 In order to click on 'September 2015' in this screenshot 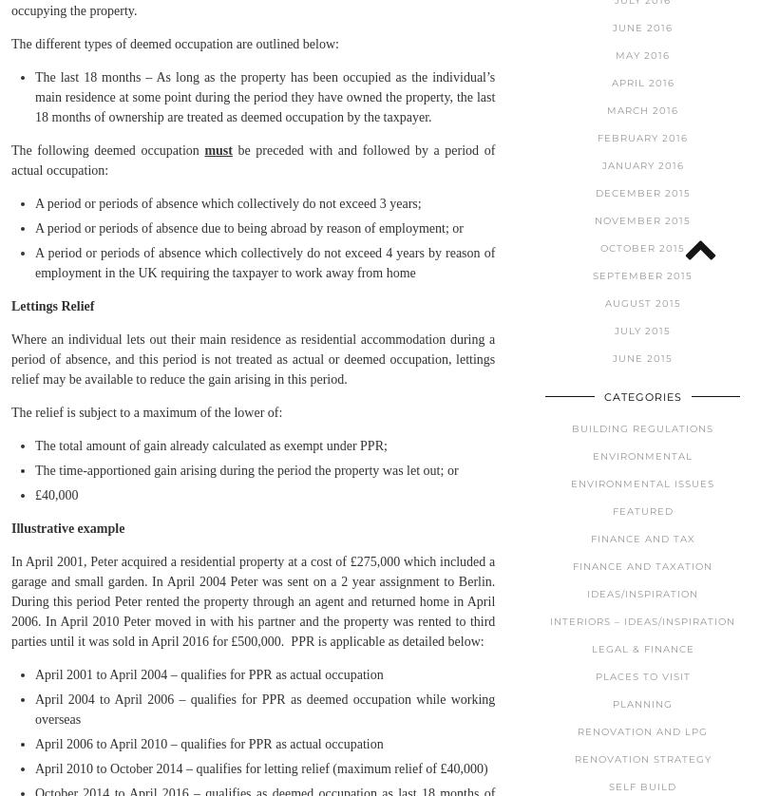, I will do `click(642, 274)`.